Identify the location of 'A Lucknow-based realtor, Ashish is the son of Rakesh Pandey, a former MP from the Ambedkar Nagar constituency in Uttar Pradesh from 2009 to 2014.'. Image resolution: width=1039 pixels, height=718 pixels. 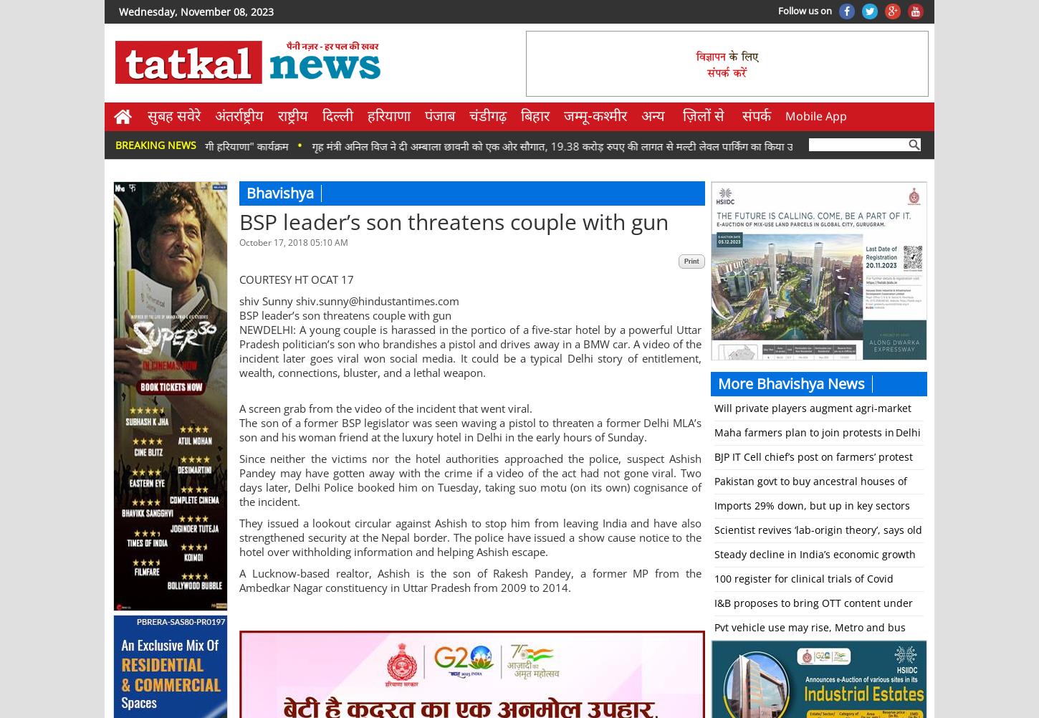
(469, 580).